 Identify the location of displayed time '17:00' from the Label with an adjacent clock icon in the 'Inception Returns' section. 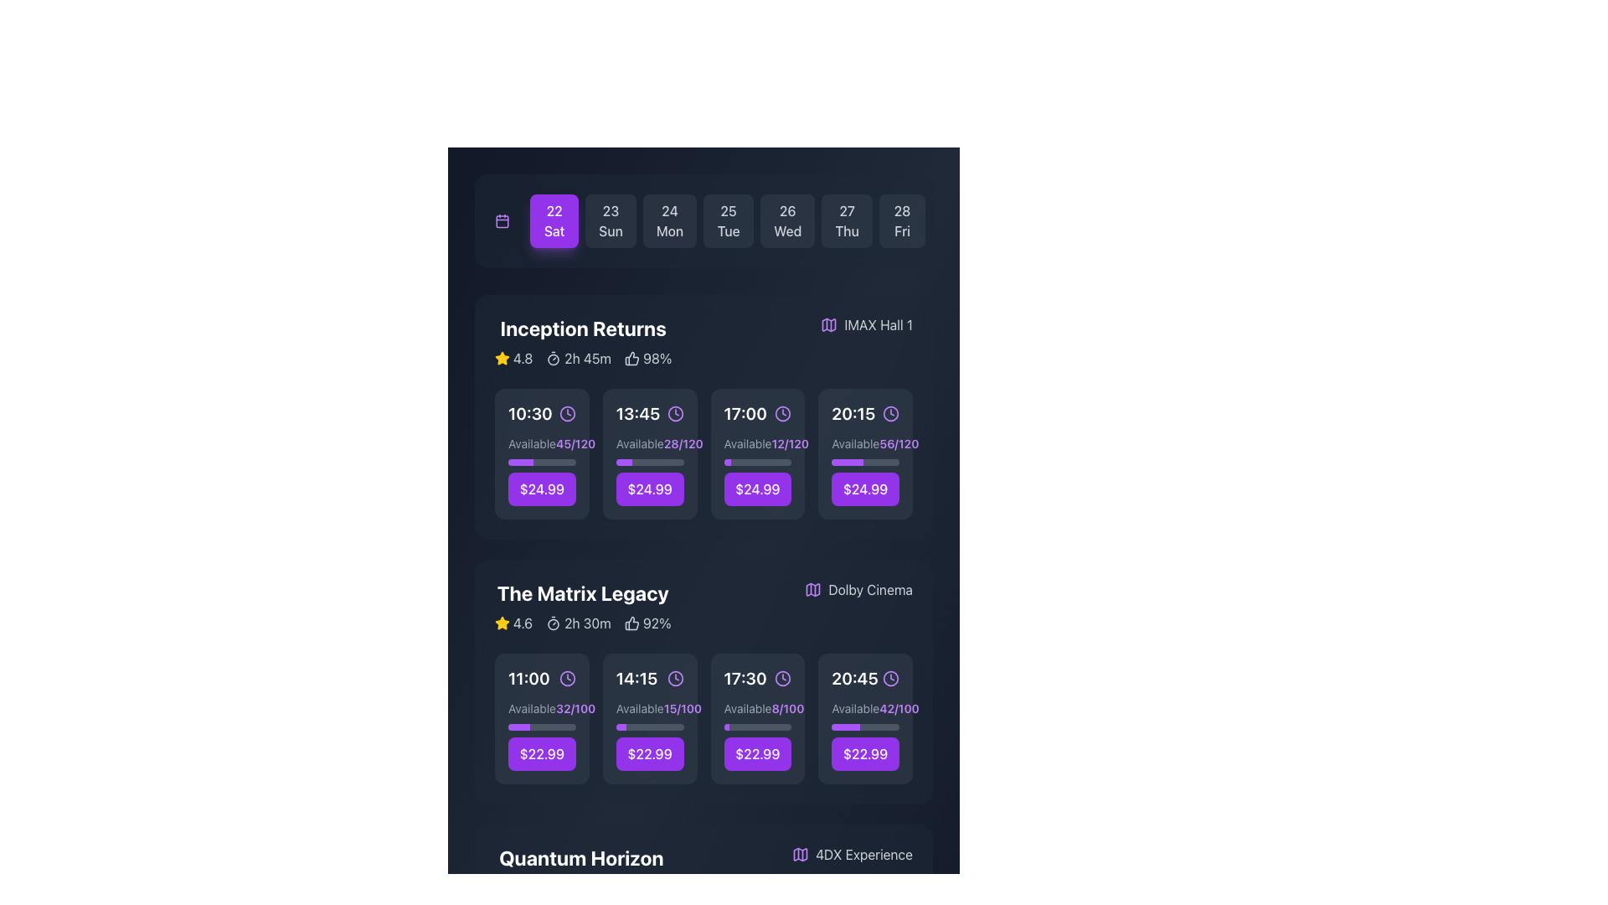
(756, 413).